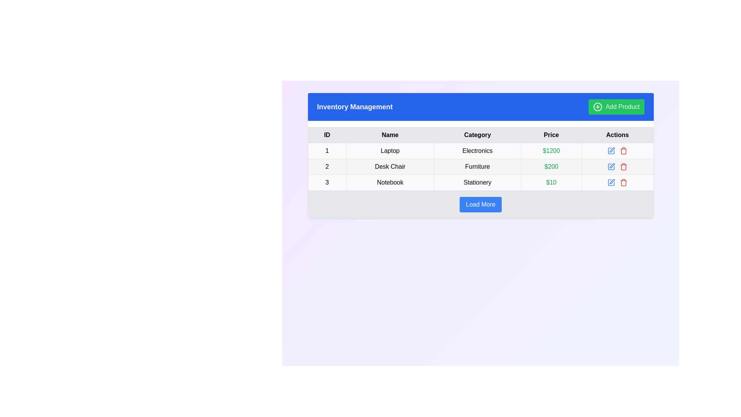 The image size is (741, 417). What do you see at coordinates (477, 166) in the screenshot?
I see `the Text Label displaying the category 'Furniture' for the item 'Desk Chair' in the second row of the table` at bounding box center [477, 166].